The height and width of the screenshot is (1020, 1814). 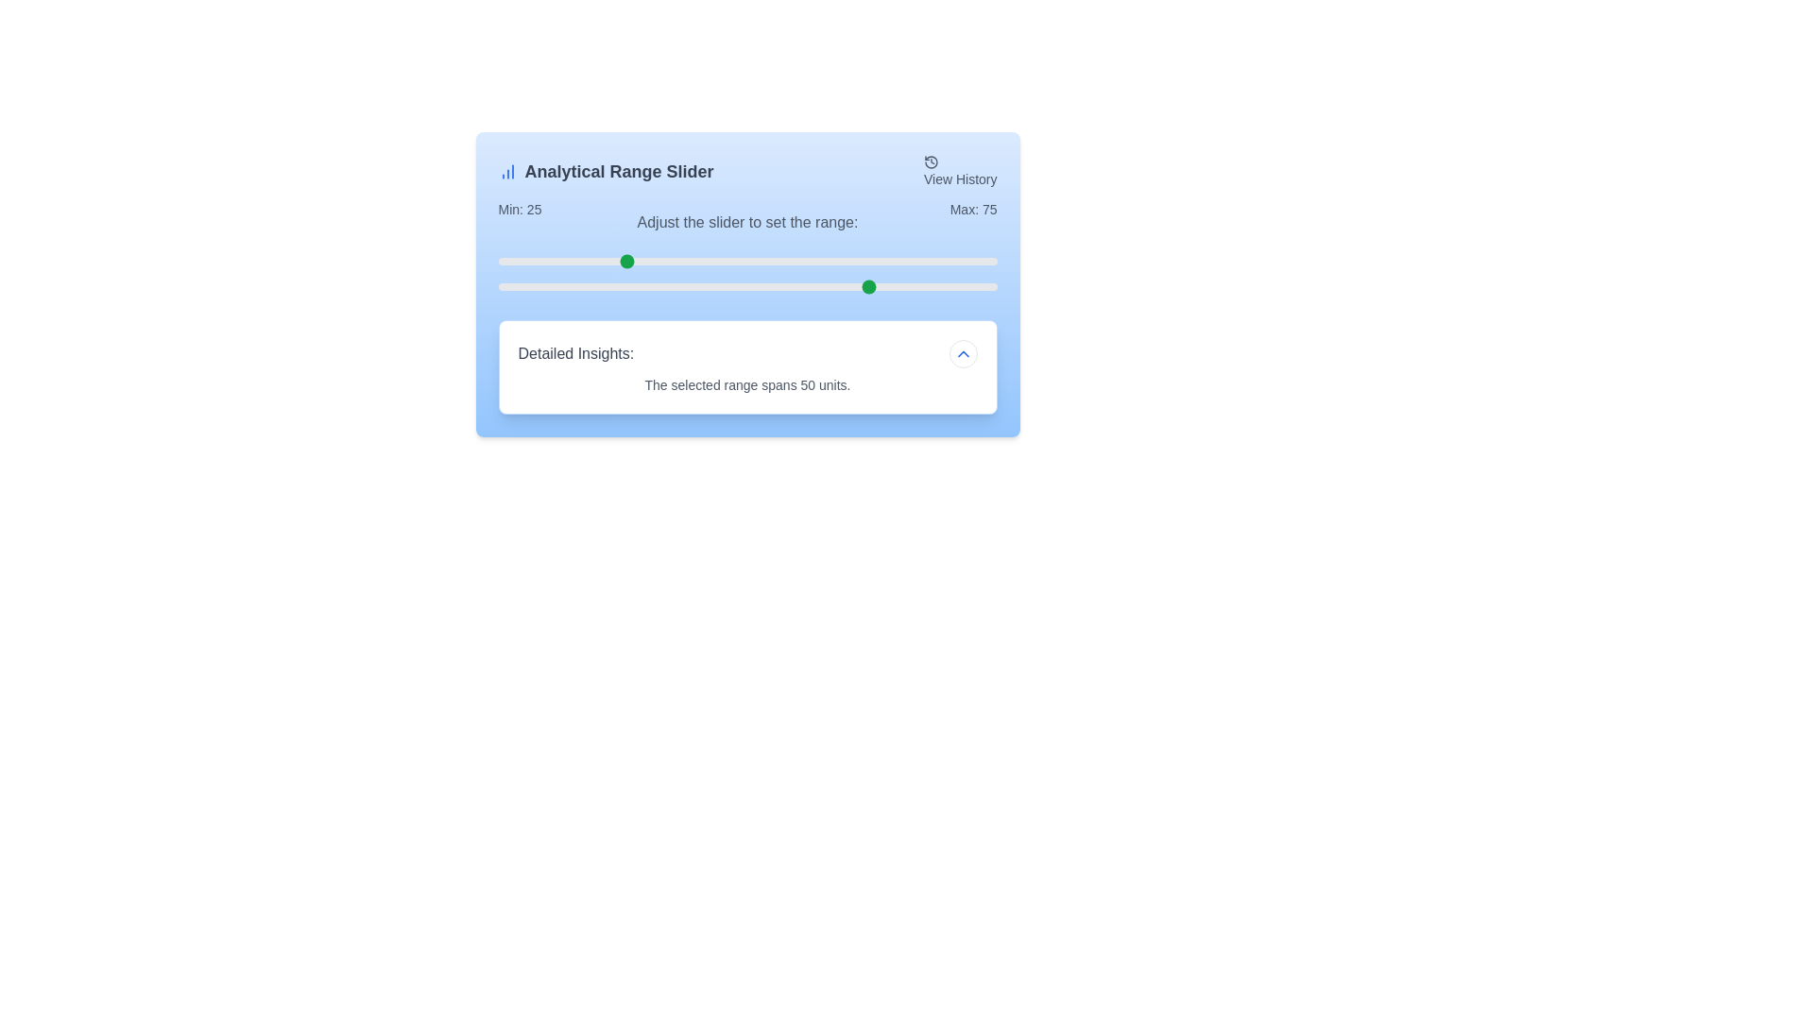 I want to click on the minimum range slider to 34, so click(x=667, y=262).